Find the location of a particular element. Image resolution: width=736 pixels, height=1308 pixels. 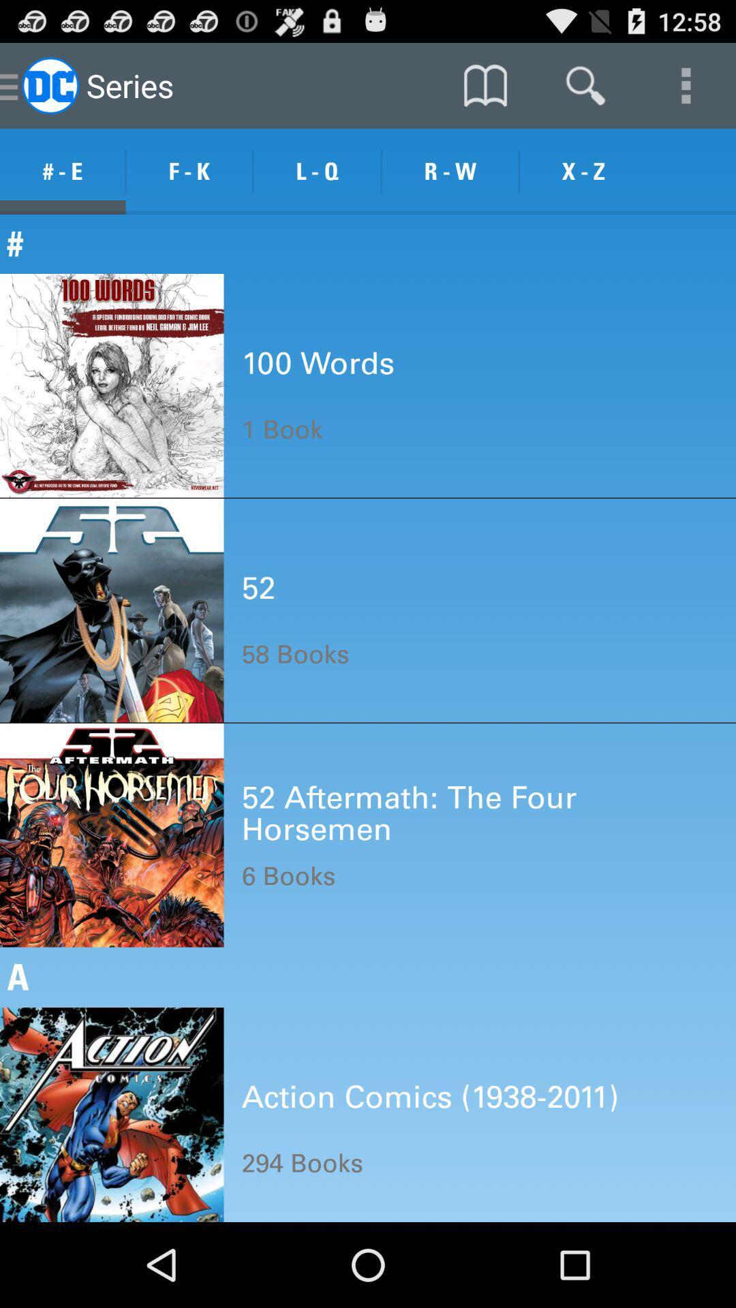

the # - e item is located at coordinates (63, 171).